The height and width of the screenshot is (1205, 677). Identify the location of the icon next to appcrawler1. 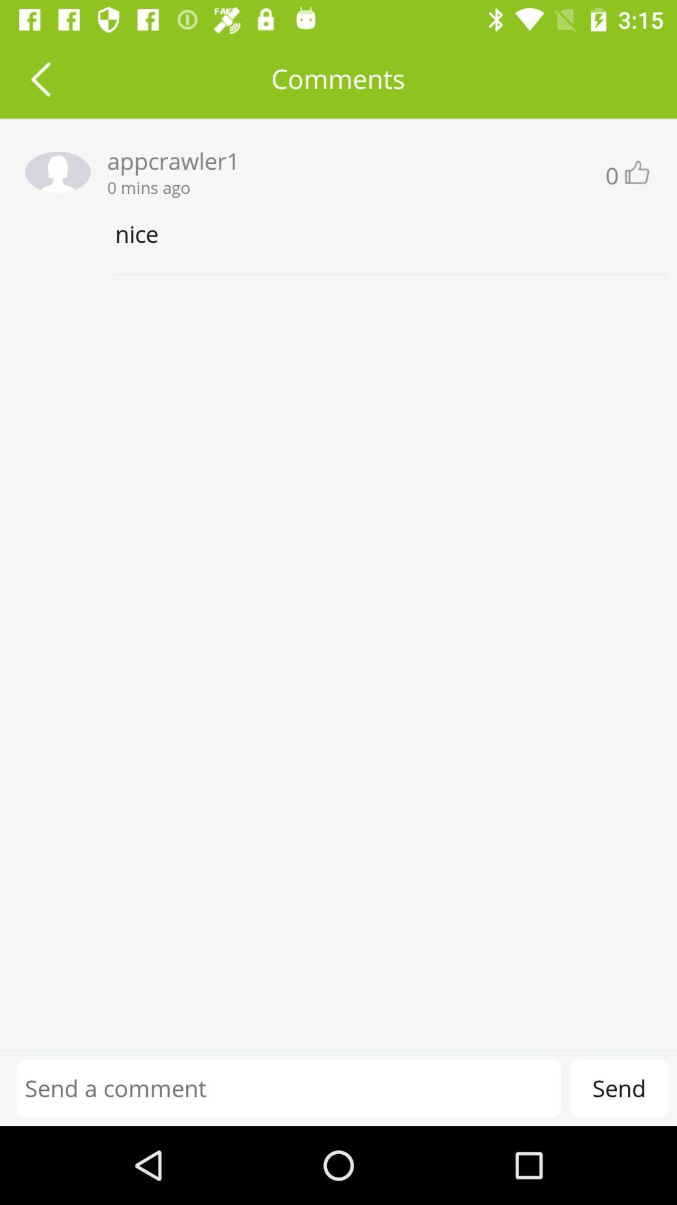
(53, 171).